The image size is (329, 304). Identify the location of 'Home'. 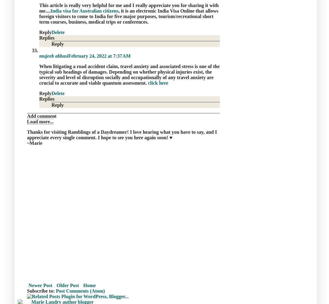
(89, 285).